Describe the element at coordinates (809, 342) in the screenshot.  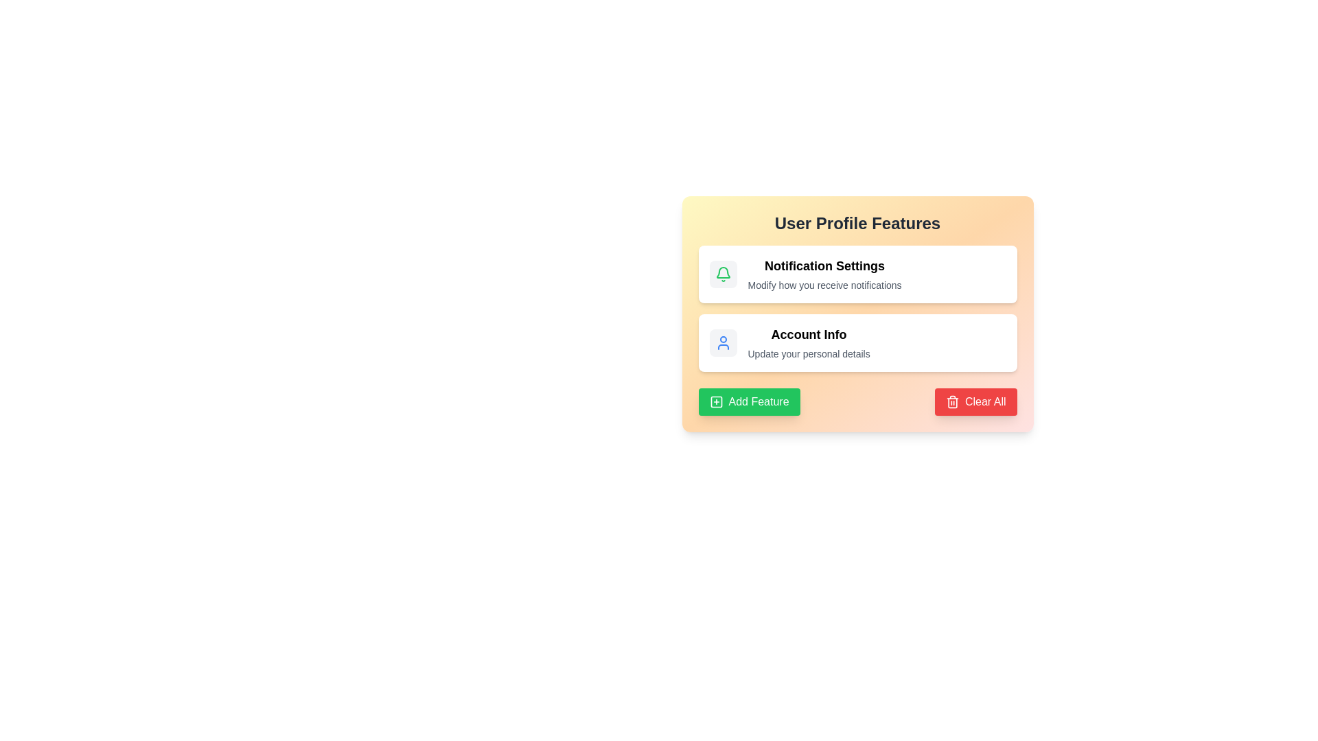
I see `the text label or informational card displaying user information, located in the second card under 'User Profile Features', centered below 'Notification Settings' and above 'Add Feature' and 'Clear All' buttons` at that location.